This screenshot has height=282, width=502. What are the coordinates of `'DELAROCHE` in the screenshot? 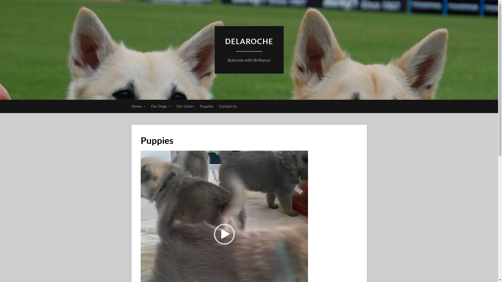 It's located at (248, 60).